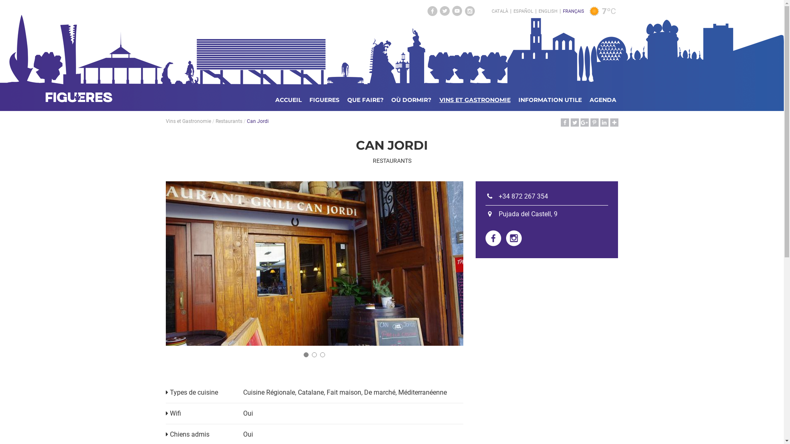  I want to click on 'QUE FAIRE?', so click(365, 99).